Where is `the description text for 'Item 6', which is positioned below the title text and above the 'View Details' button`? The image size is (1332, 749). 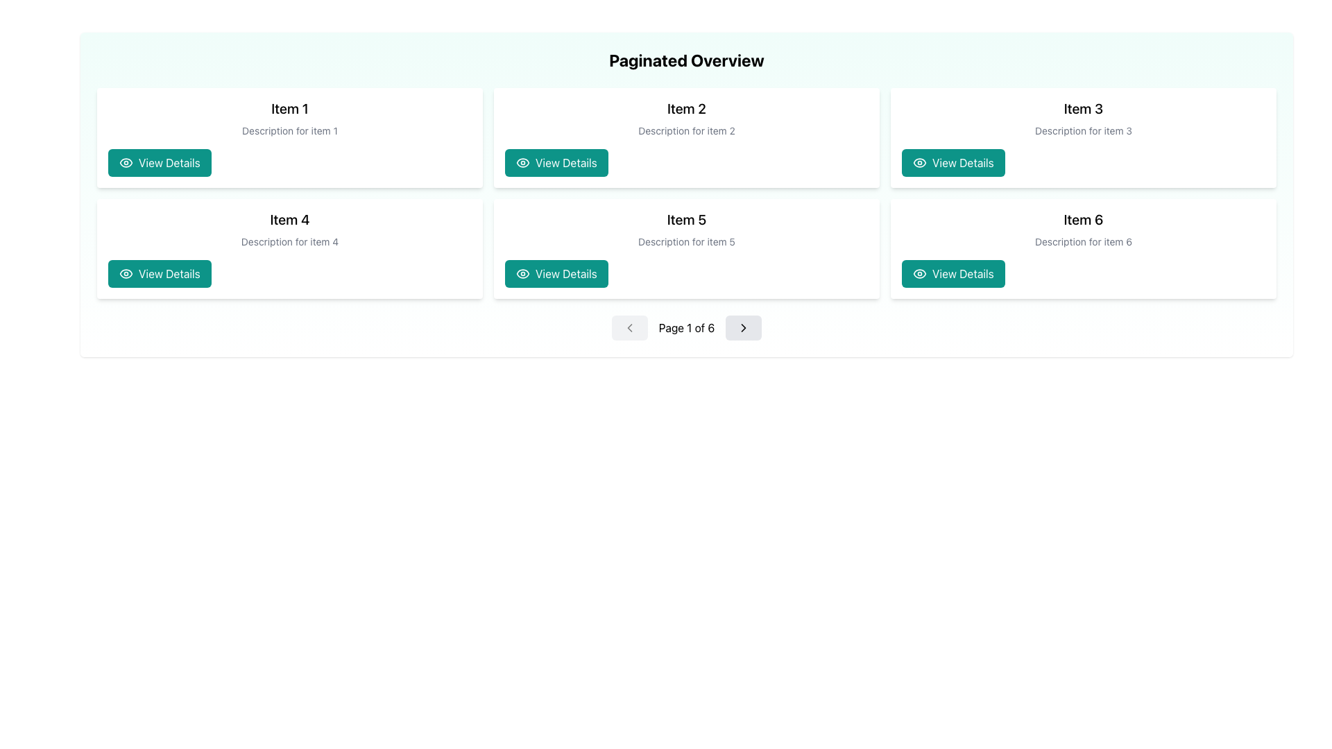 the description text for 'Item 6', which is positioned below the title text and above the 'View Details' button is located at coordinates (1082, 241).